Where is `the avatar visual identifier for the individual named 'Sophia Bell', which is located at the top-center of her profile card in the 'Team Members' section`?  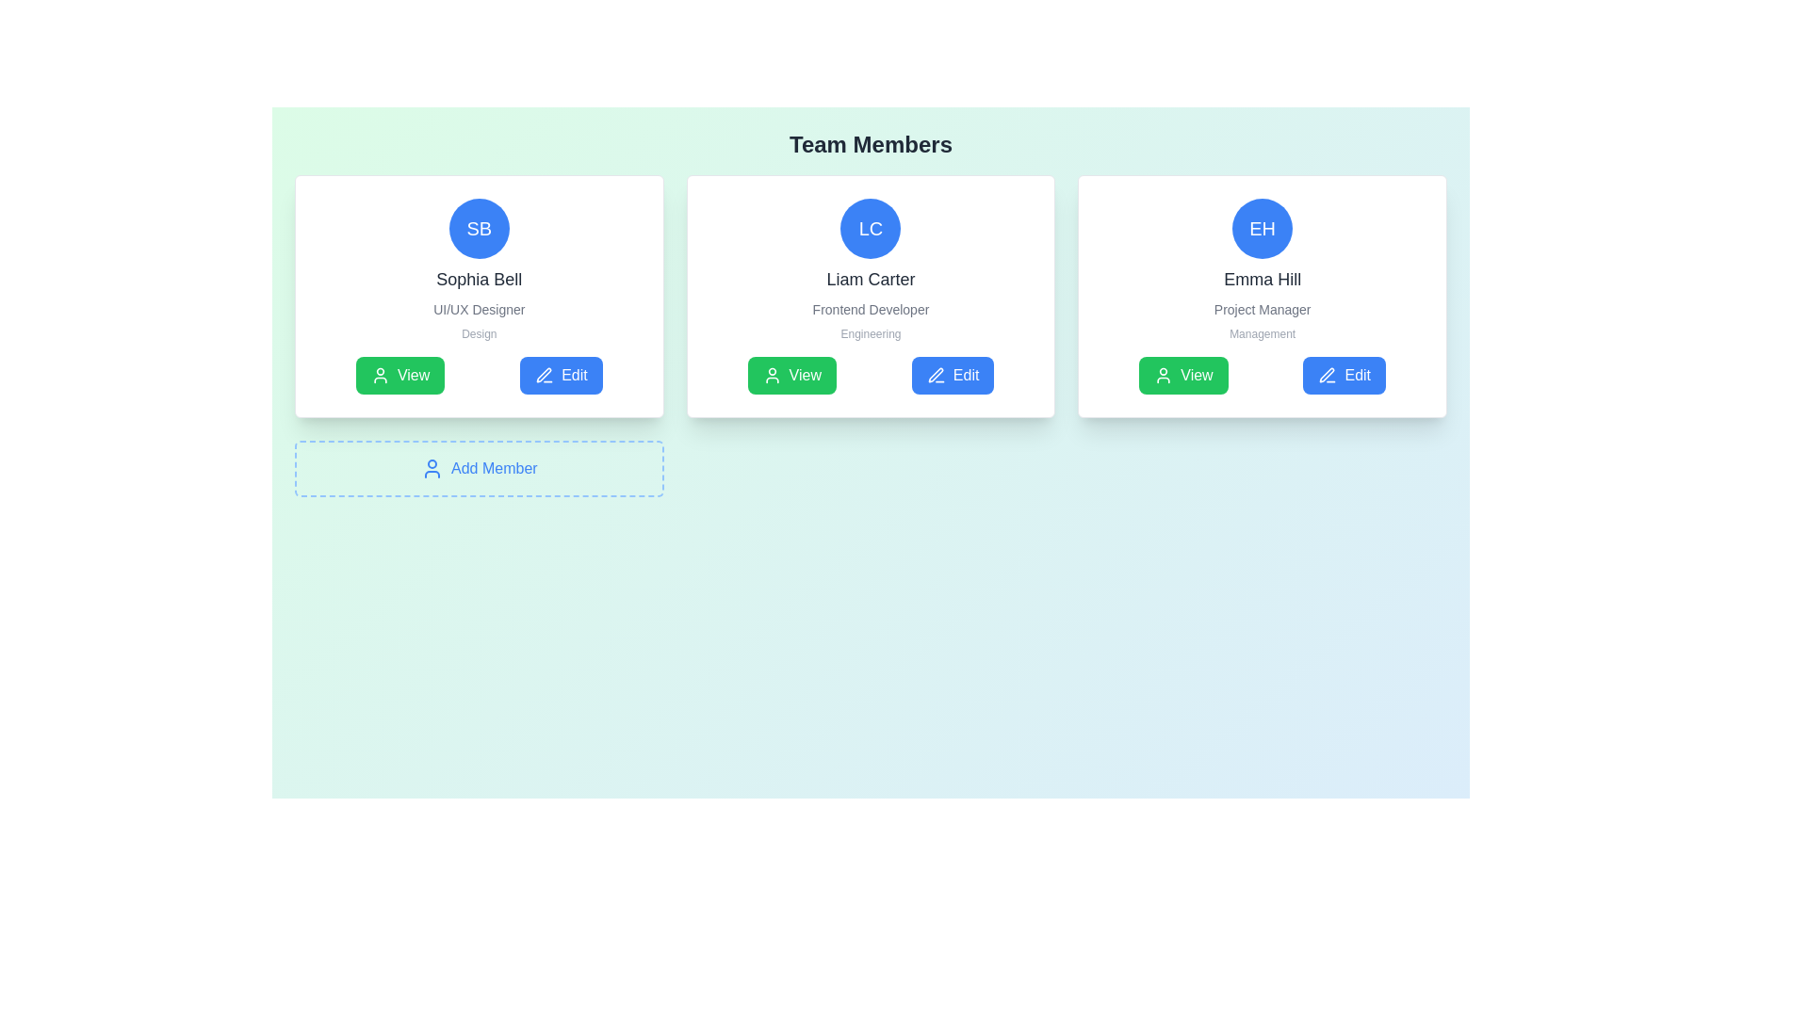
the avatar visual identifier for the individual named 'Sophia Bell', which is located at the top-center of her profile card in the 'Team Members' section is located at coordinates (479, 228).